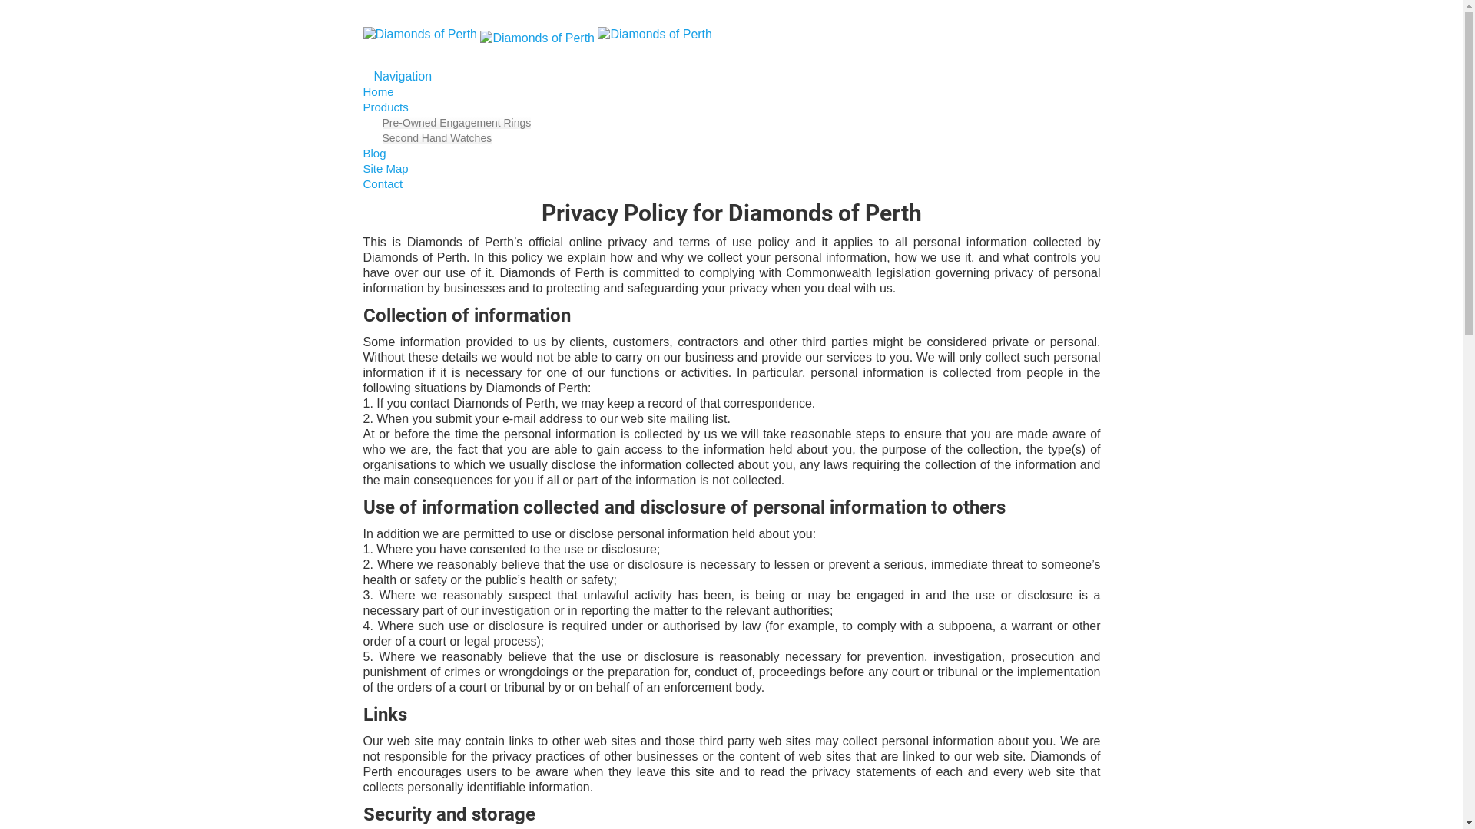  What do you see at coordinates (377, 91) in the screenshot?
I see `'Home'` at bounding box center [377, 91].